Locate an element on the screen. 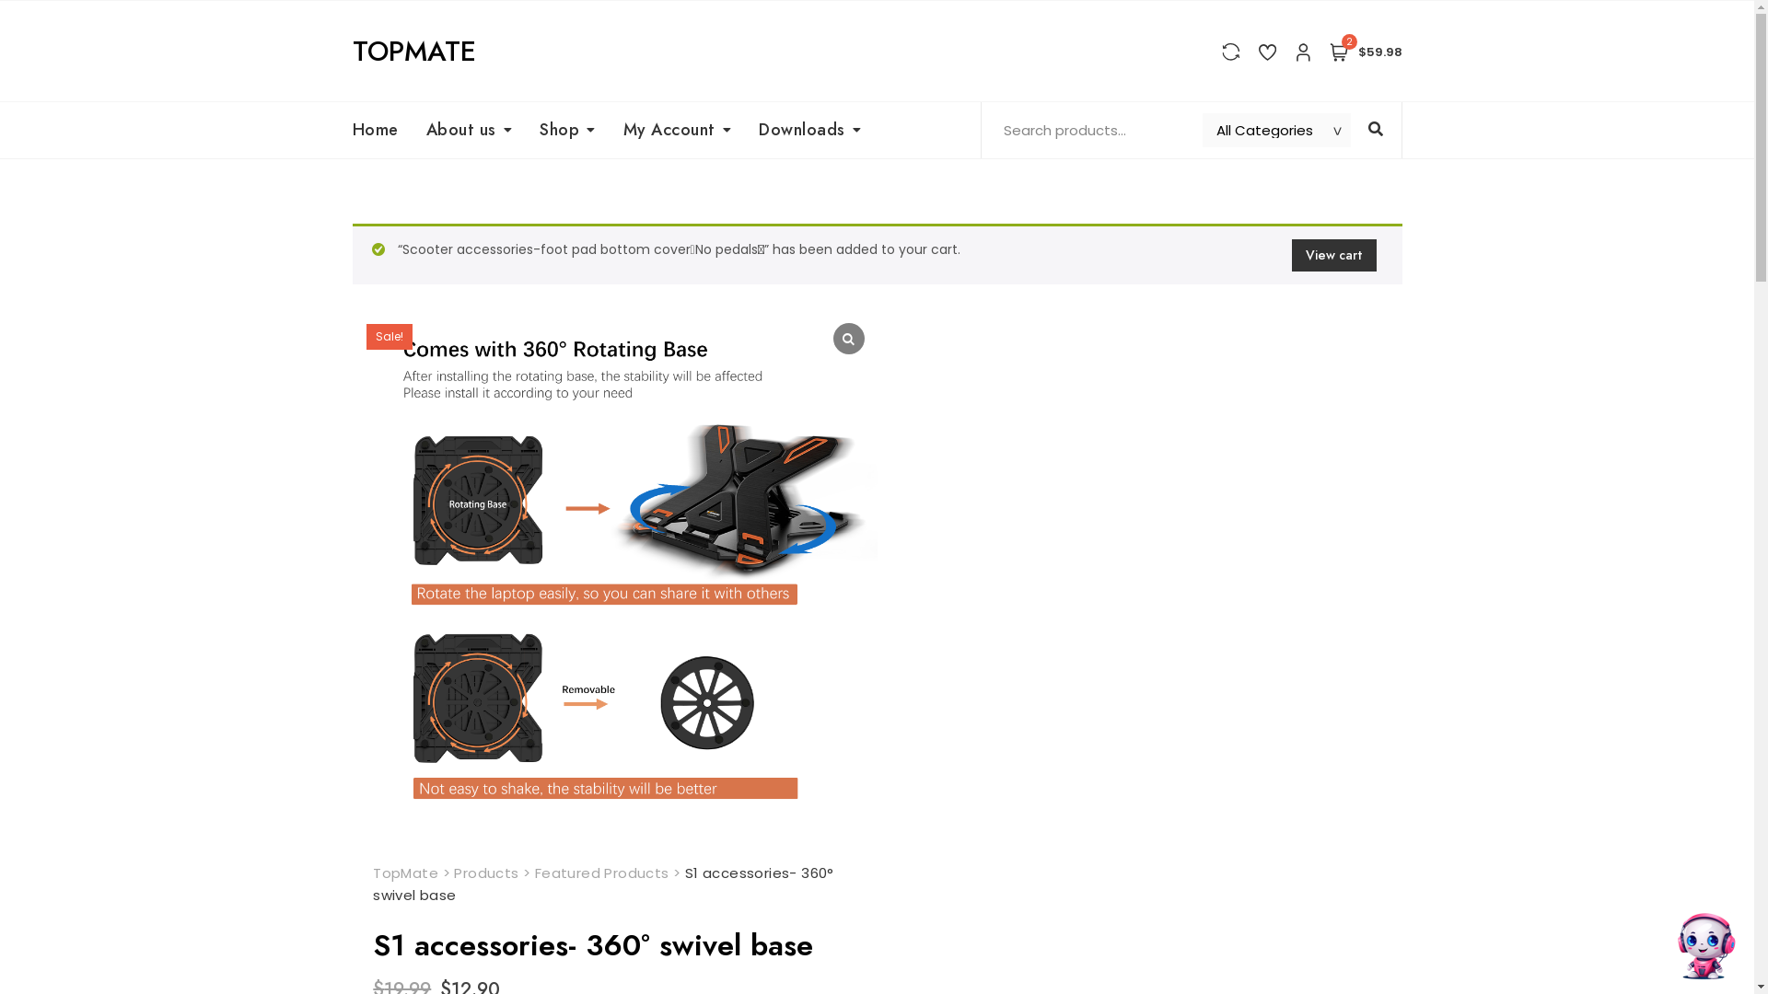 The image size is (1768, 994). 'About us' is located at coordinates (469, 129).